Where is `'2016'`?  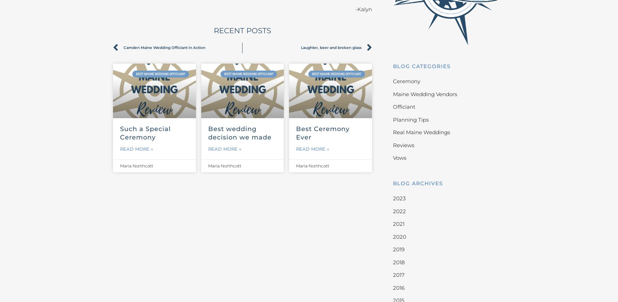
'2016' is located at coordinates (398, 287).